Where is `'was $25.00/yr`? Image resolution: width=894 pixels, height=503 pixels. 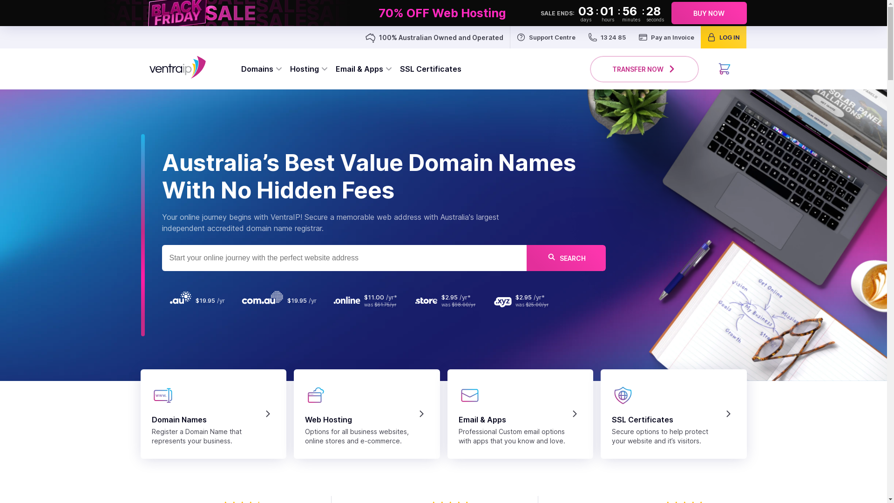
'was $25.00/yr is located at coordinates (523, 300).